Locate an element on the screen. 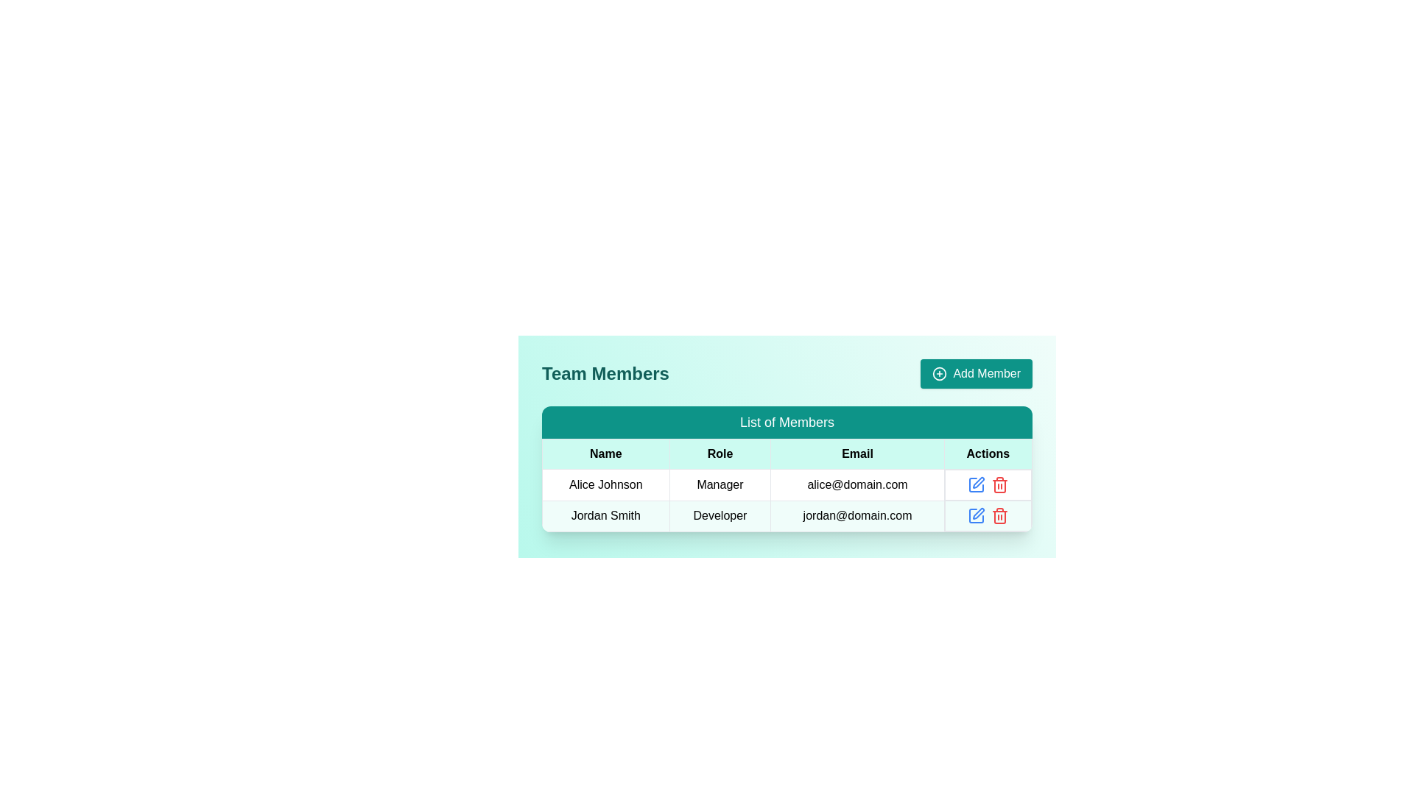  the 'Email' table header cell, which is the third item is located at coordinates (857, 453).